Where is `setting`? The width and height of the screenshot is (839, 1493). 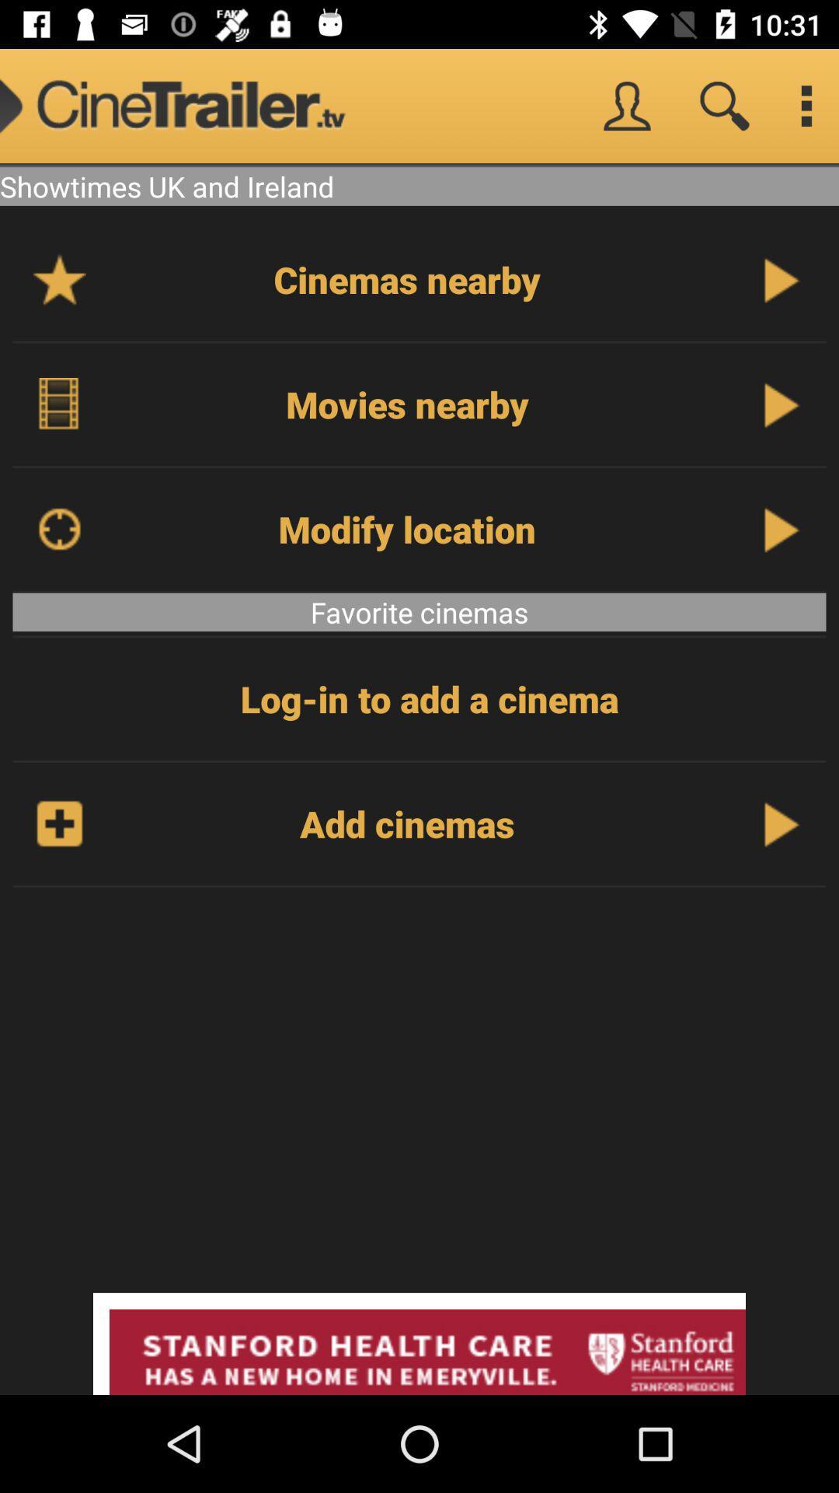 setting is located at coordinates (805, 105).